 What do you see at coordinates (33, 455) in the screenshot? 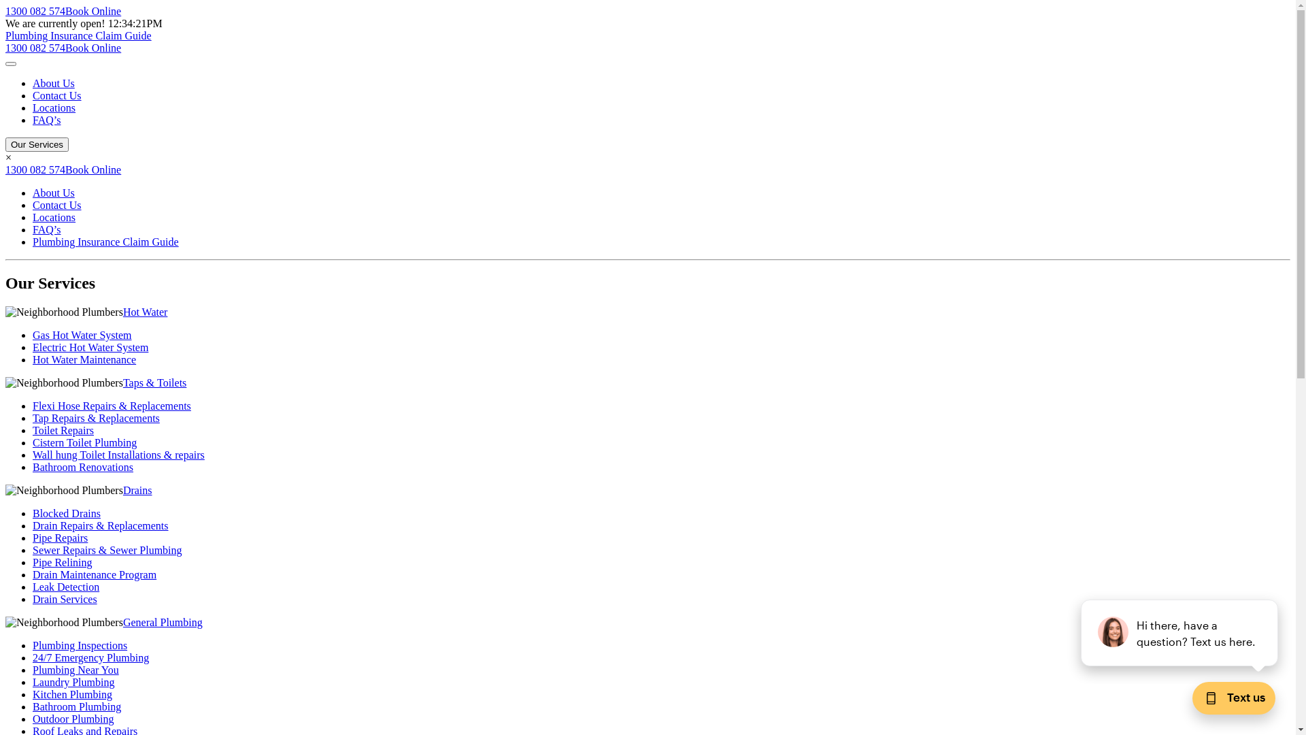
I see `'Wall hung Toilet Installations & repairs'` at bounding box center [33, 455].